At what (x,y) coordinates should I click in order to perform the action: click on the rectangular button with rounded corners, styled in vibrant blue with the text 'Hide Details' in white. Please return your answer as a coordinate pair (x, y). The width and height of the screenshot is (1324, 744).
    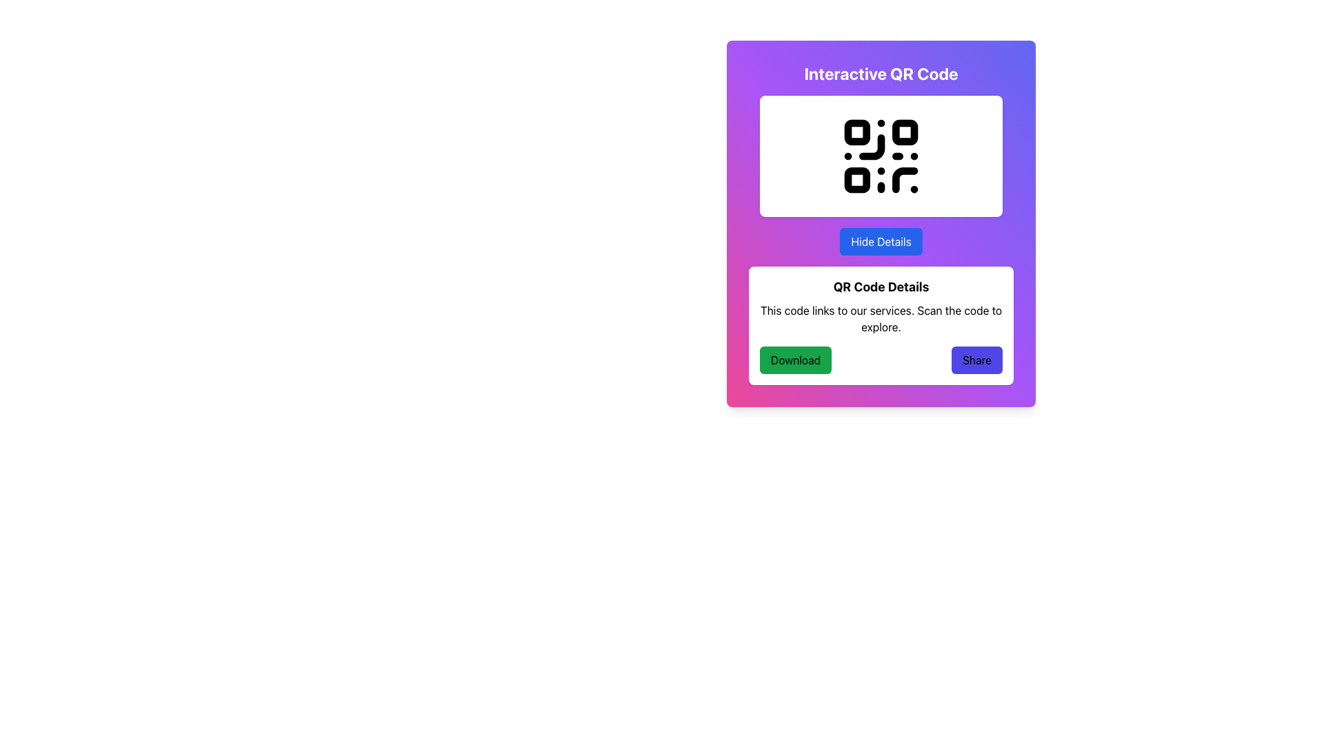
    Looking at the image, I should click on (880, 241).